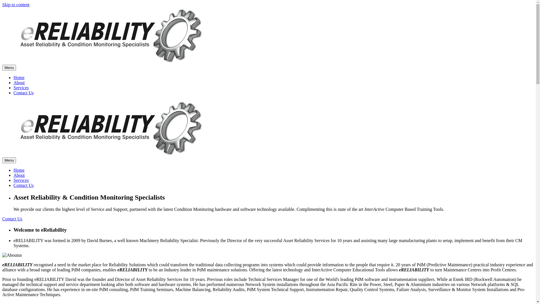  I want to click on 'Skip to content', so click(16, 5).